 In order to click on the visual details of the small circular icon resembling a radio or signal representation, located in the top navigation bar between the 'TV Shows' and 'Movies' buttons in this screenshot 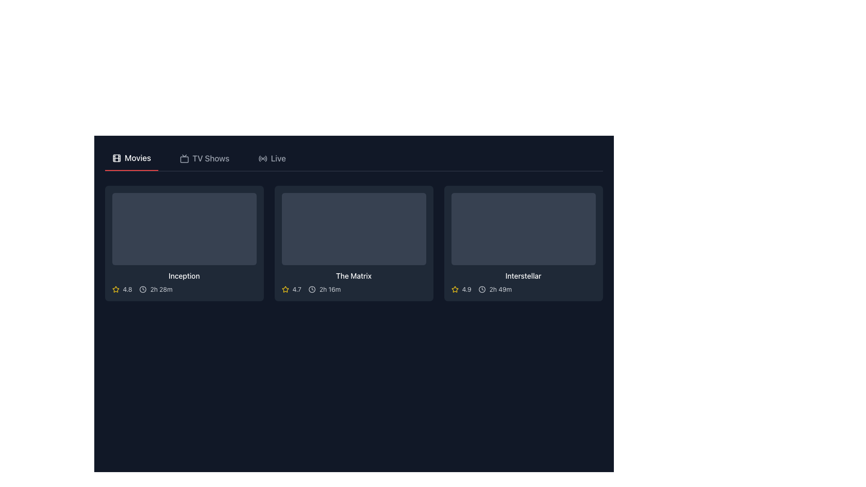, I will do `click(262, 158)`.